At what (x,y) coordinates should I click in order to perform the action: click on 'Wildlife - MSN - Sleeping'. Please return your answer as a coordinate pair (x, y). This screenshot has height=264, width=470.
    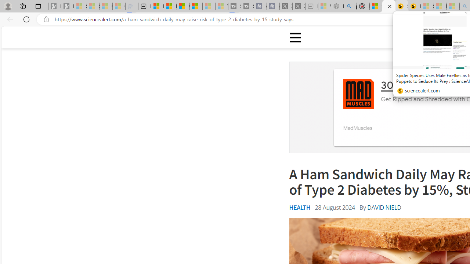
    Looking at the image, I should click on (324, 6).